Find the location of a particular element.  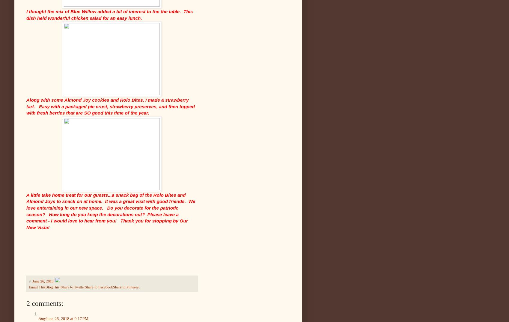

'Share to Facebook' is located at coordinates (98, 287).